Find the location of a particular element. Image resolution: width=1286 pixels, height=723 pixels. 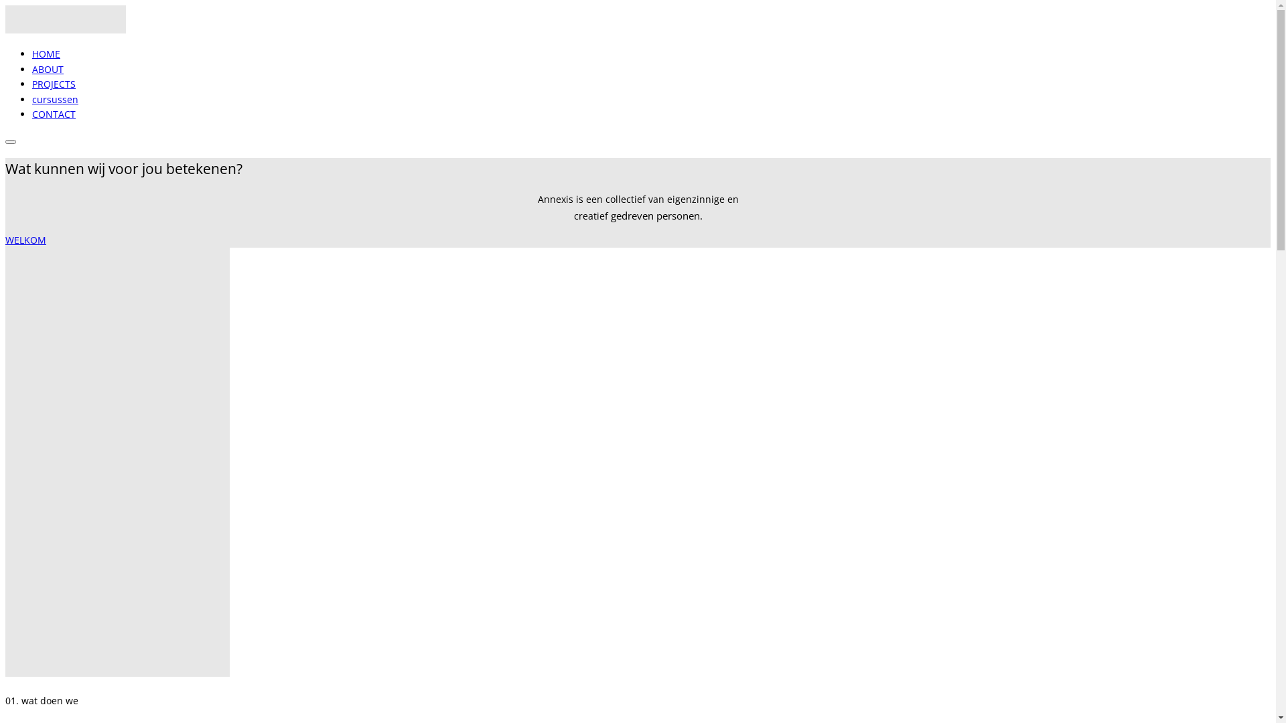

'HOME' is located at coordinates (32, 53).